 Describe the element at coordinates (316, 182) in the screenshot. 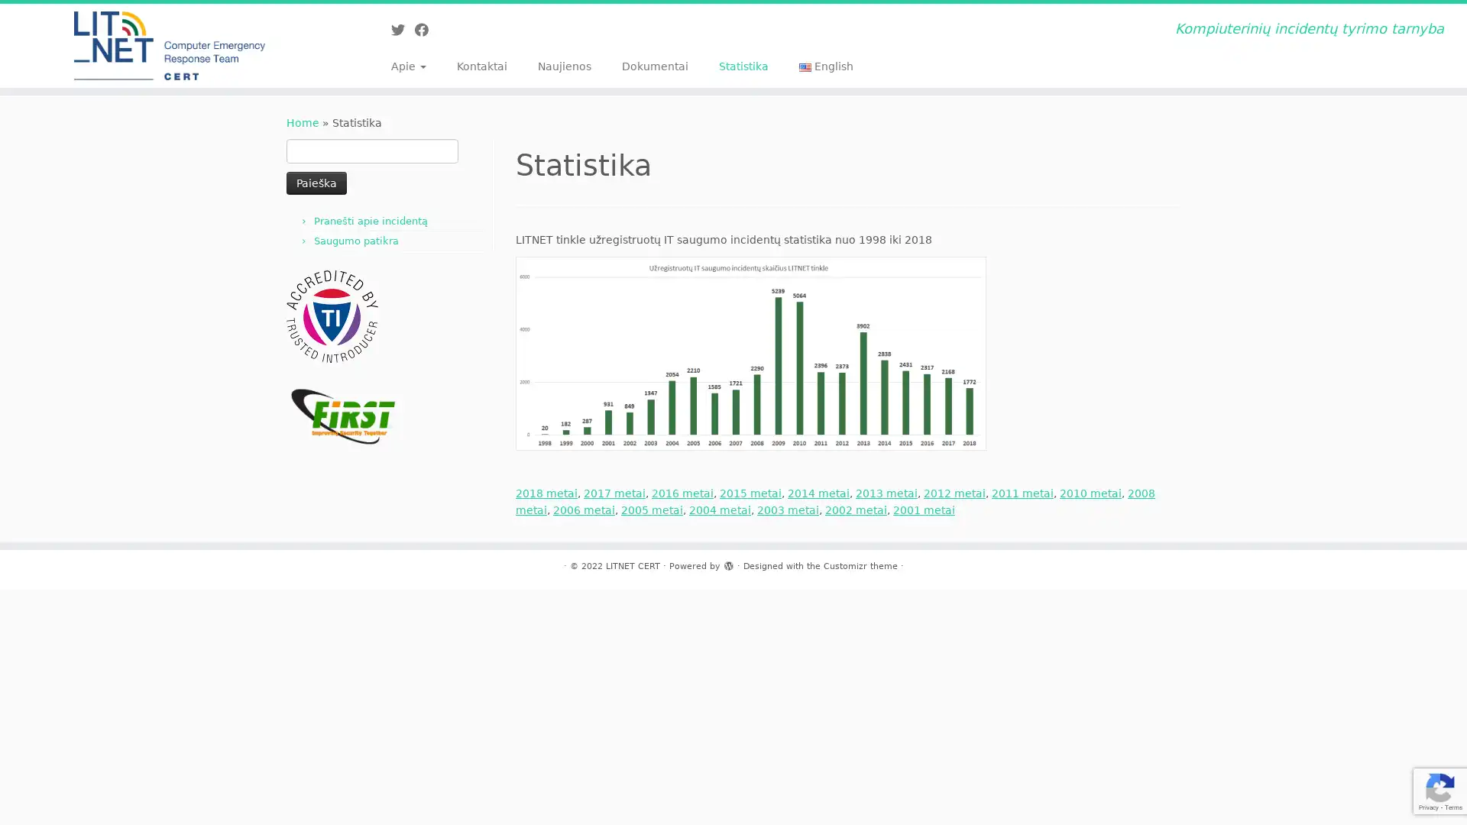

I see `Paieska` at that location.